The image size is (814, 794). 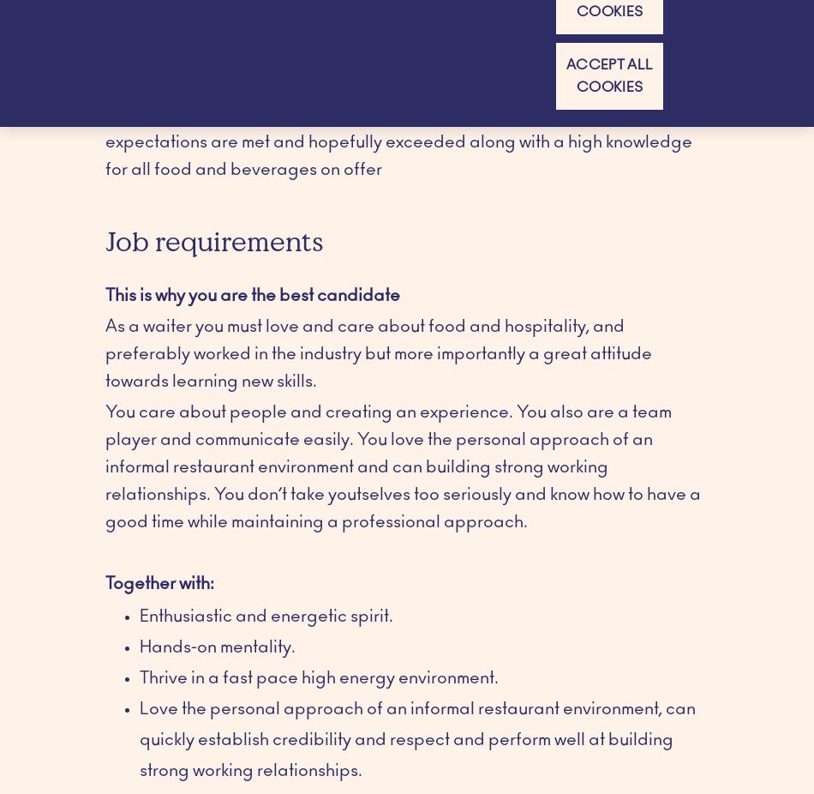 What do you see at coordinates (159, 581) in the screenshot?
I see `'Together with:'` at bounding box center [159, 581].